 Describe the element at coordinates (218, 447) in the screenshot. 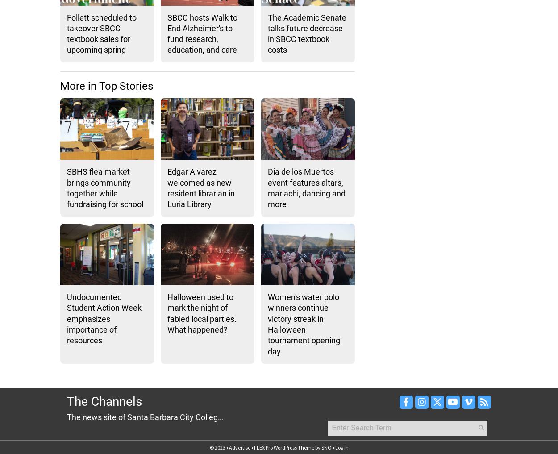

I see `'© 2023  •'` at that location.